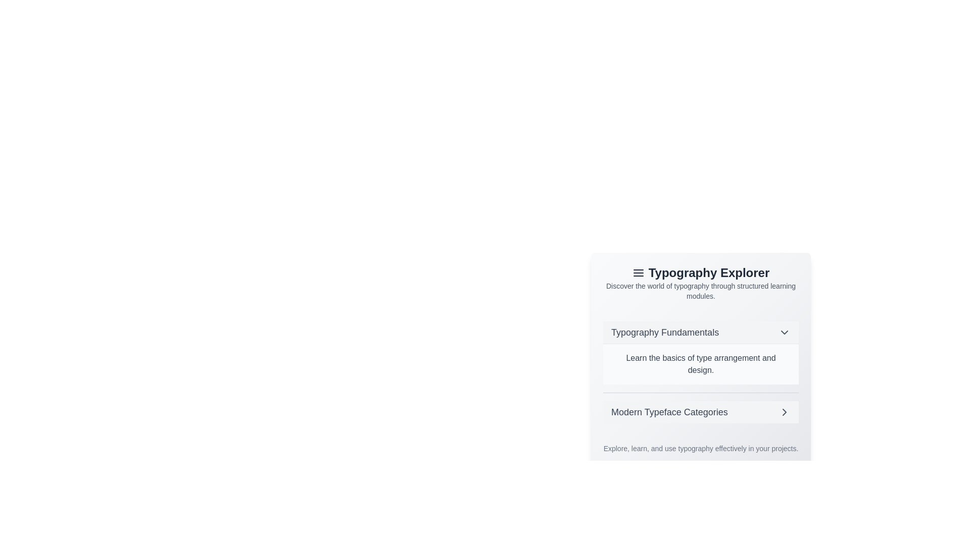  Describe the element at coordinates (700, 364) in the screenshot. I see `the text label that provides descriptive information about typography arrangement and design, located in the 'Typography Fundamentals' section` at that location.